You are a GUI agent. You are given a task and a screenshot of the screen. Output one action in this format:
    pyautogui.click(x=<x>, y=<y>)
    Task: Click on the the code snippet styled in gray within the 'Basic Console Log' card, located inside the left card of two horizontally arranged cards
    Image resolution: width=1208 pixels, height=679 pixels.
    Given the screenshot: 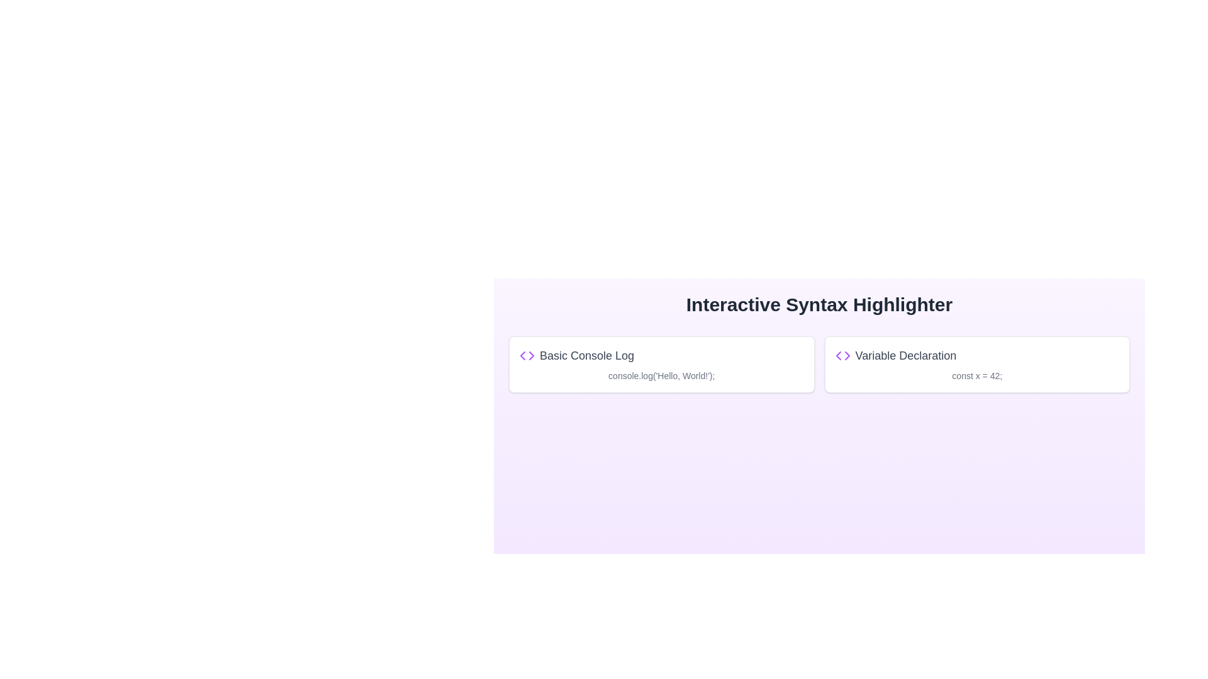 What is the action you would take?
    pyautogui.click(x=661, y=375)
    